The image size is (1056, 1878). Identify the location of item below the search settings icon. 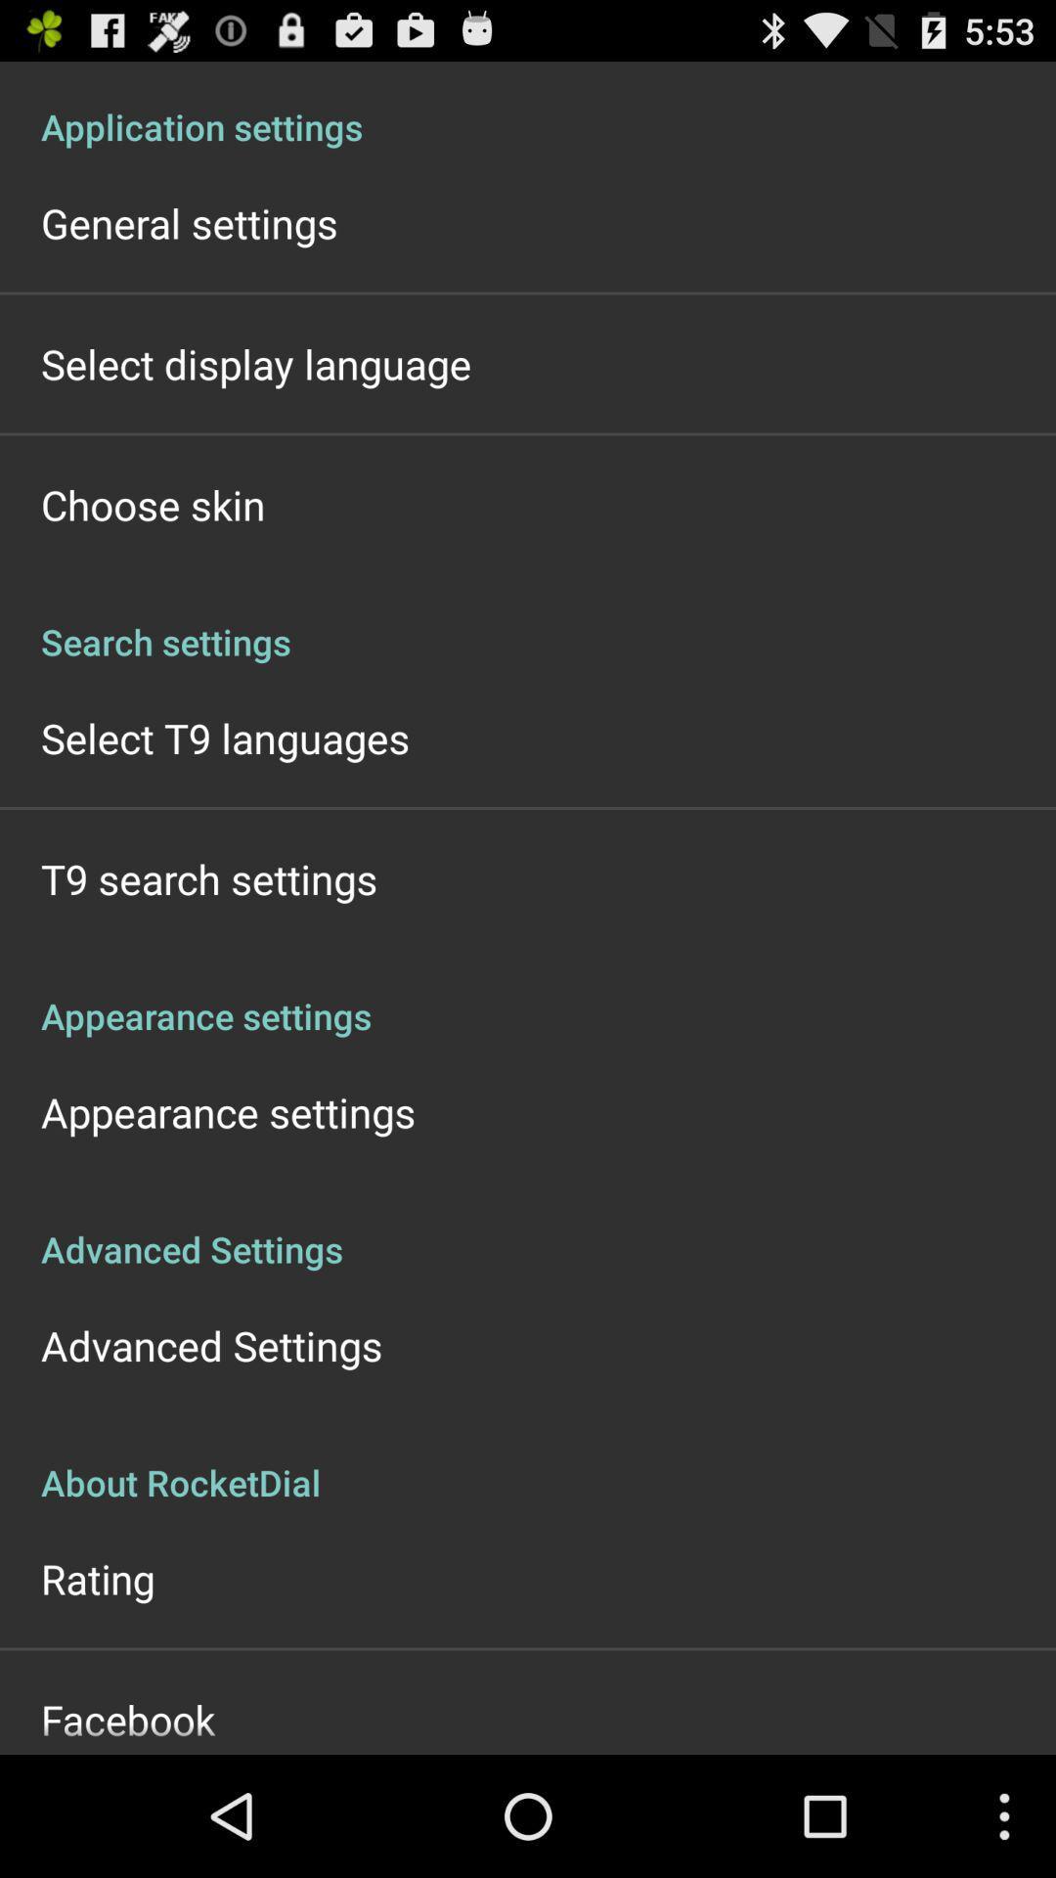
(224, 737).